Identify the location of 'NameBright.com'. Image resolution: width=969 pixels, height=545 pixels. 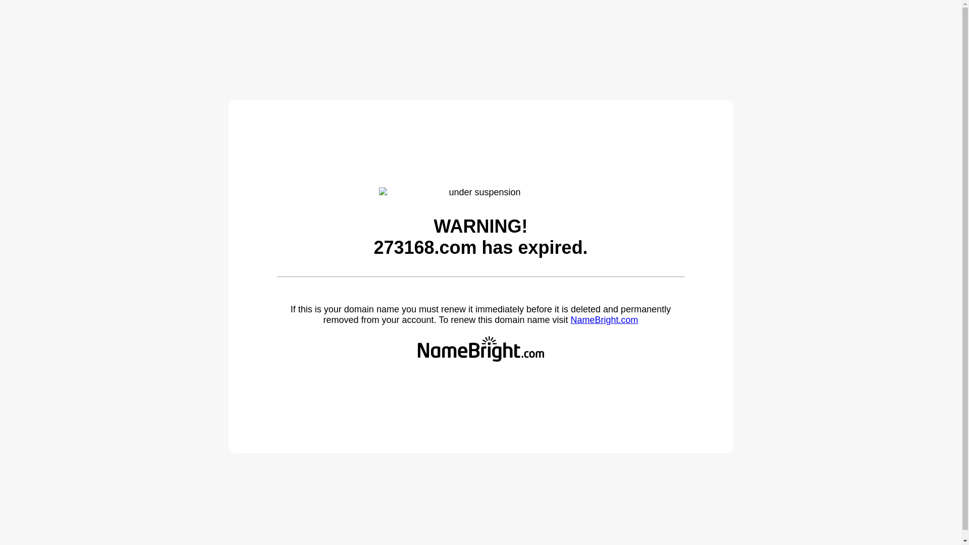
(604, 319).